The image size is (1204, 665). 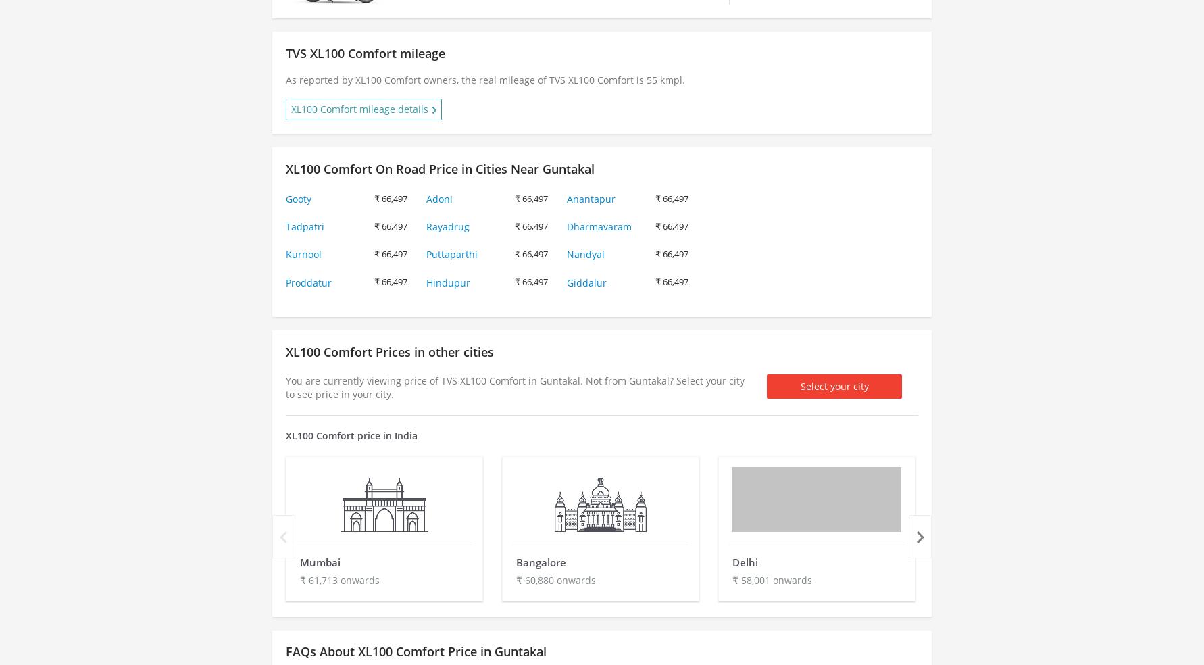 I want to click on 'Select your city', so click(x=833, y=385).